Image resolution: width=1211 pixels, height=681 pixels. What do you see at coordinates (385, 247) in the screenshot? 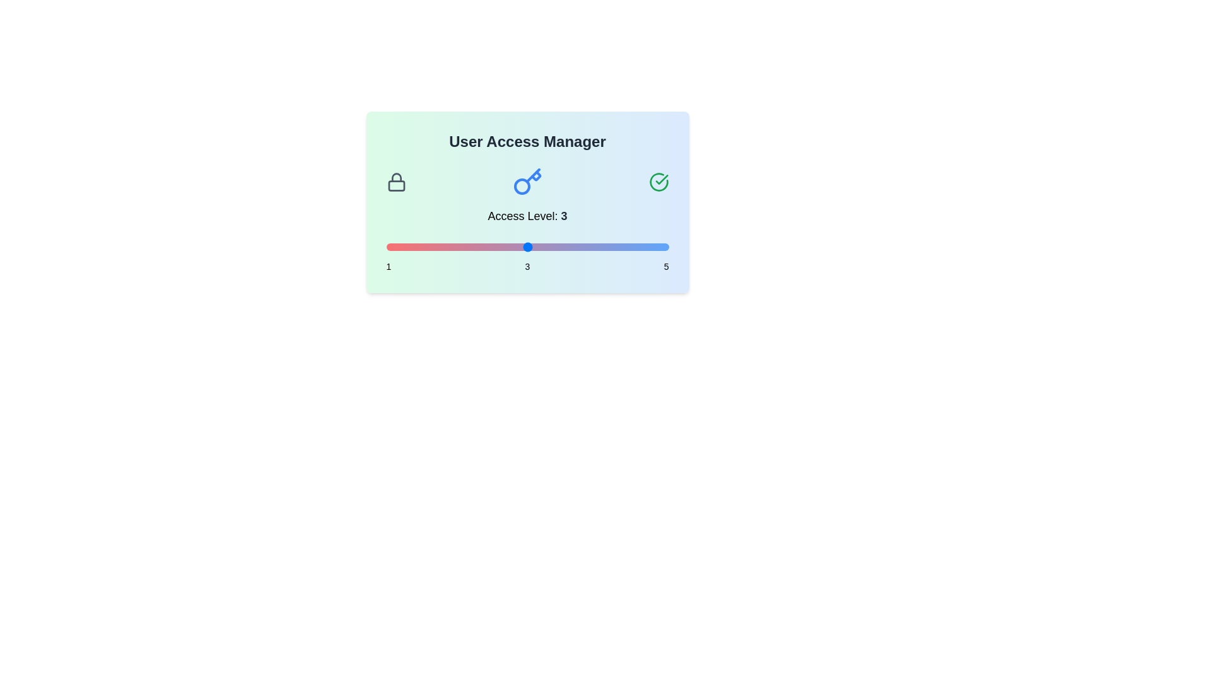
I see `the access level slider to 1` at bounding box center [385, 247].